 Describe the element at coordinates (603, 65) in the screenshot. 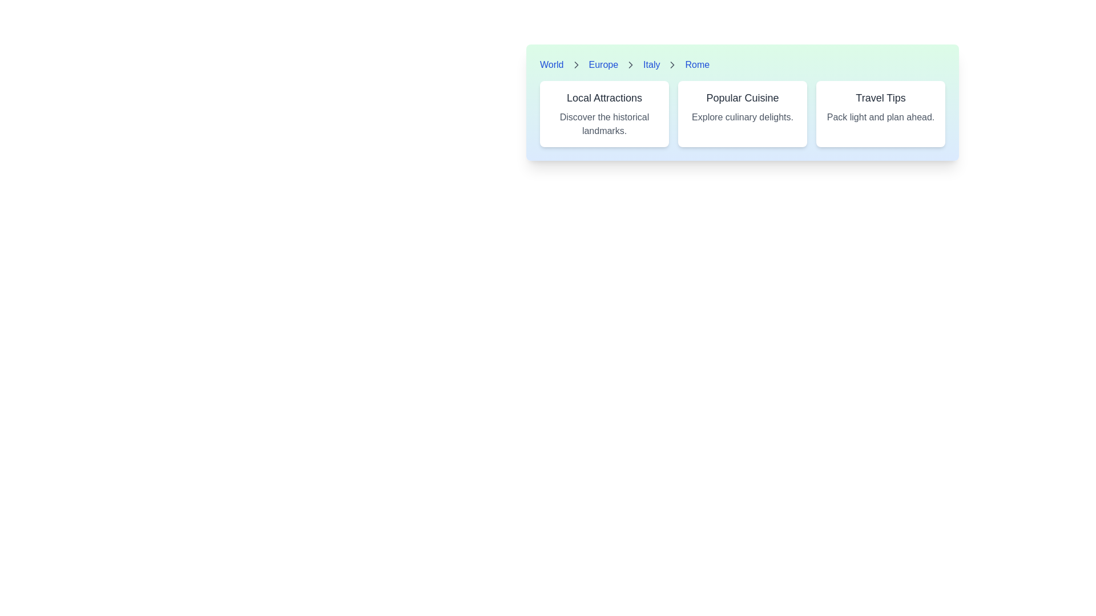

I see `the breadcrumb navigation link for 'Europe'` at that location.